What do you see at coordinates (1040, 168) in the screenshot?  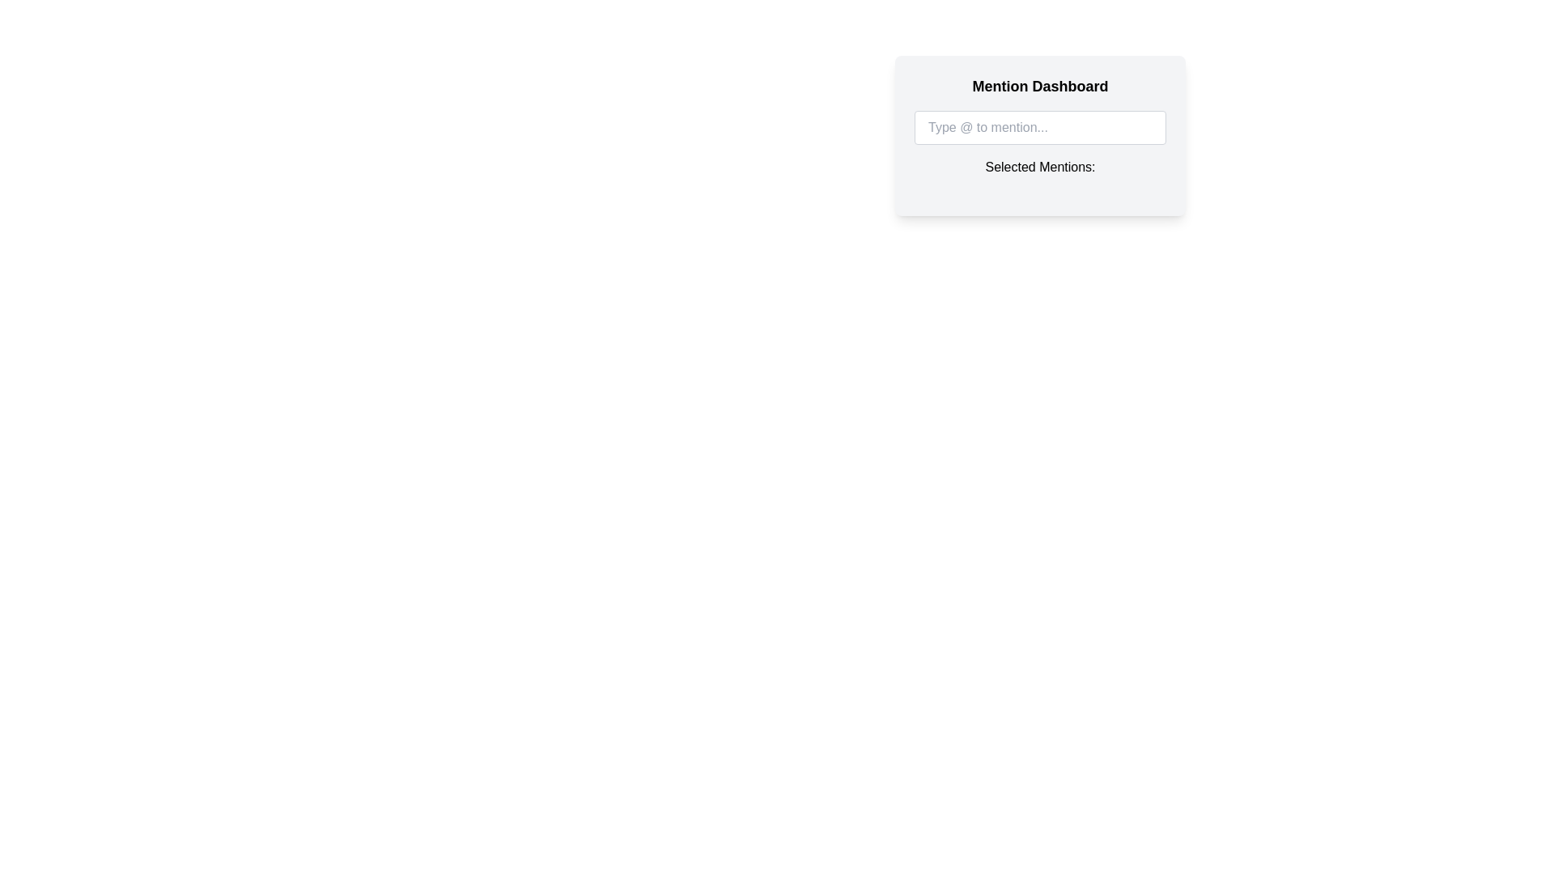 I see `the Label indicating the start of the section designed` at bounding box center [1040, 168].